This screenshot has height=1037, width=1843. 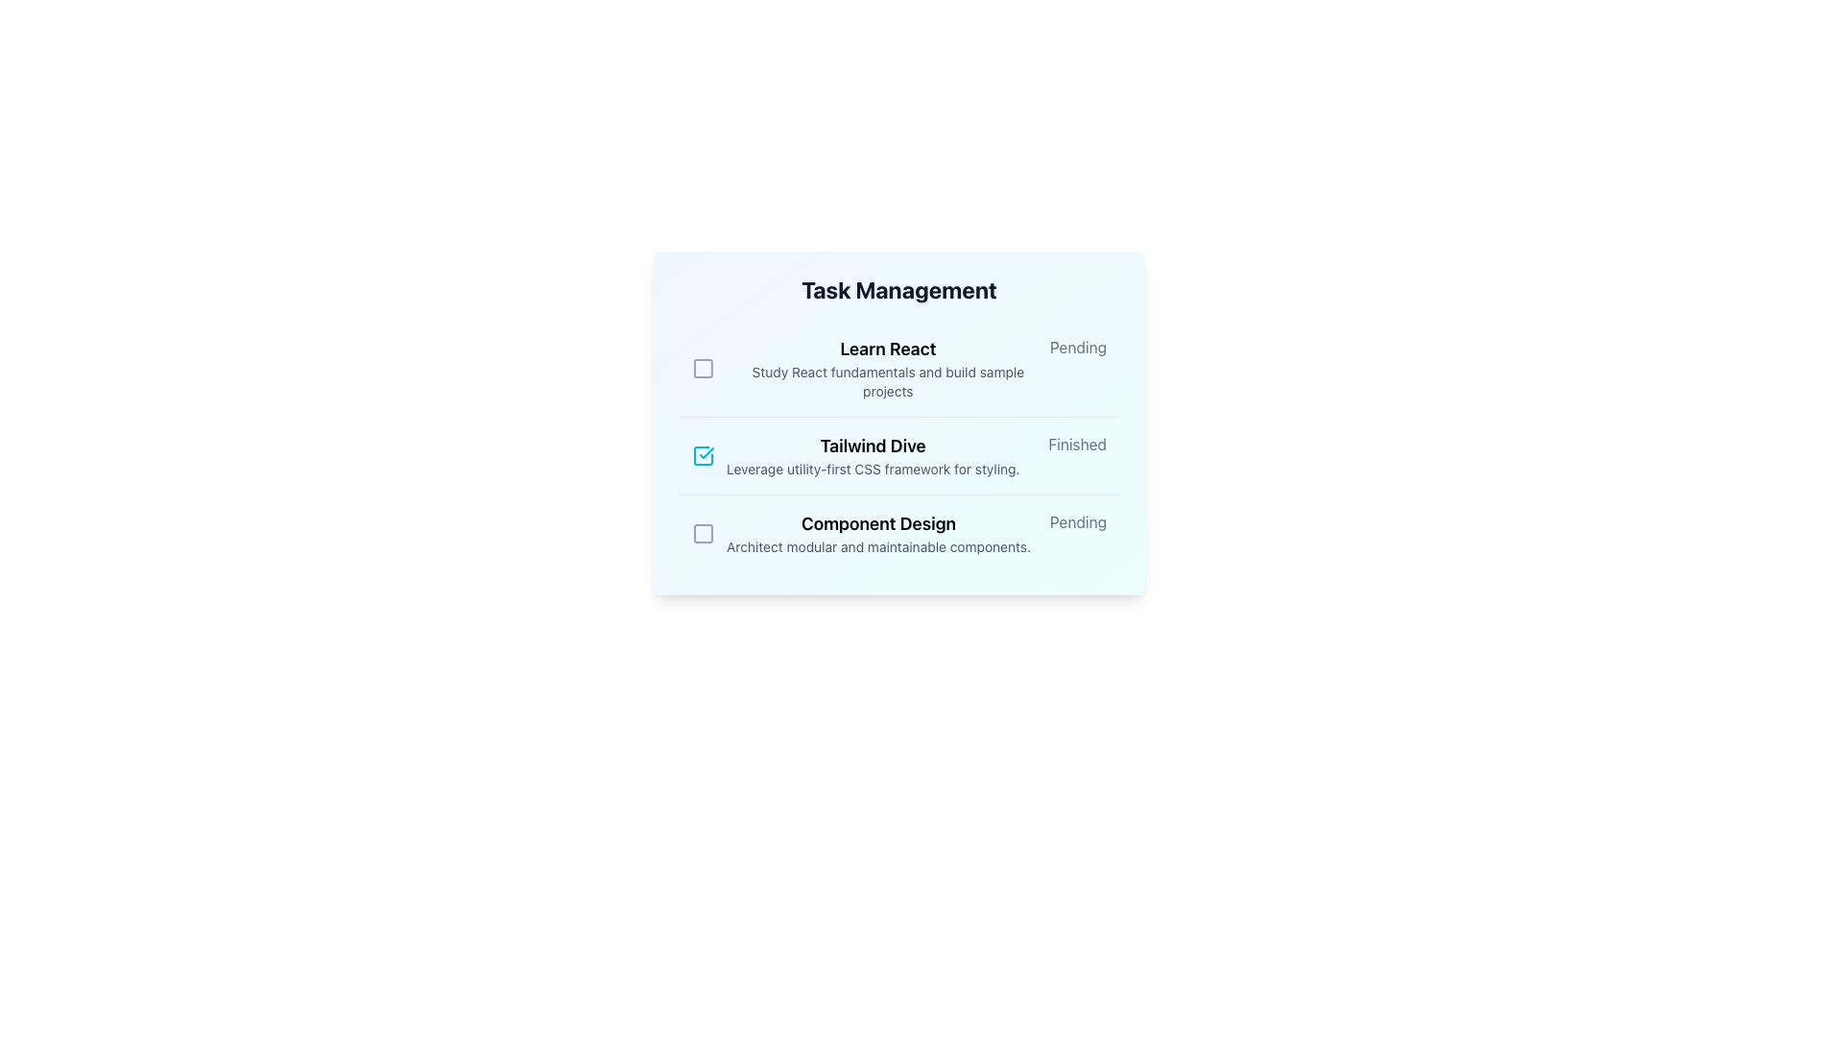 I want to click on the task item located in the middle of the task list, which is positioned between the tasks titled 'Learn React' and 'Component Design' to interact with it, so click(x=854, y=455).